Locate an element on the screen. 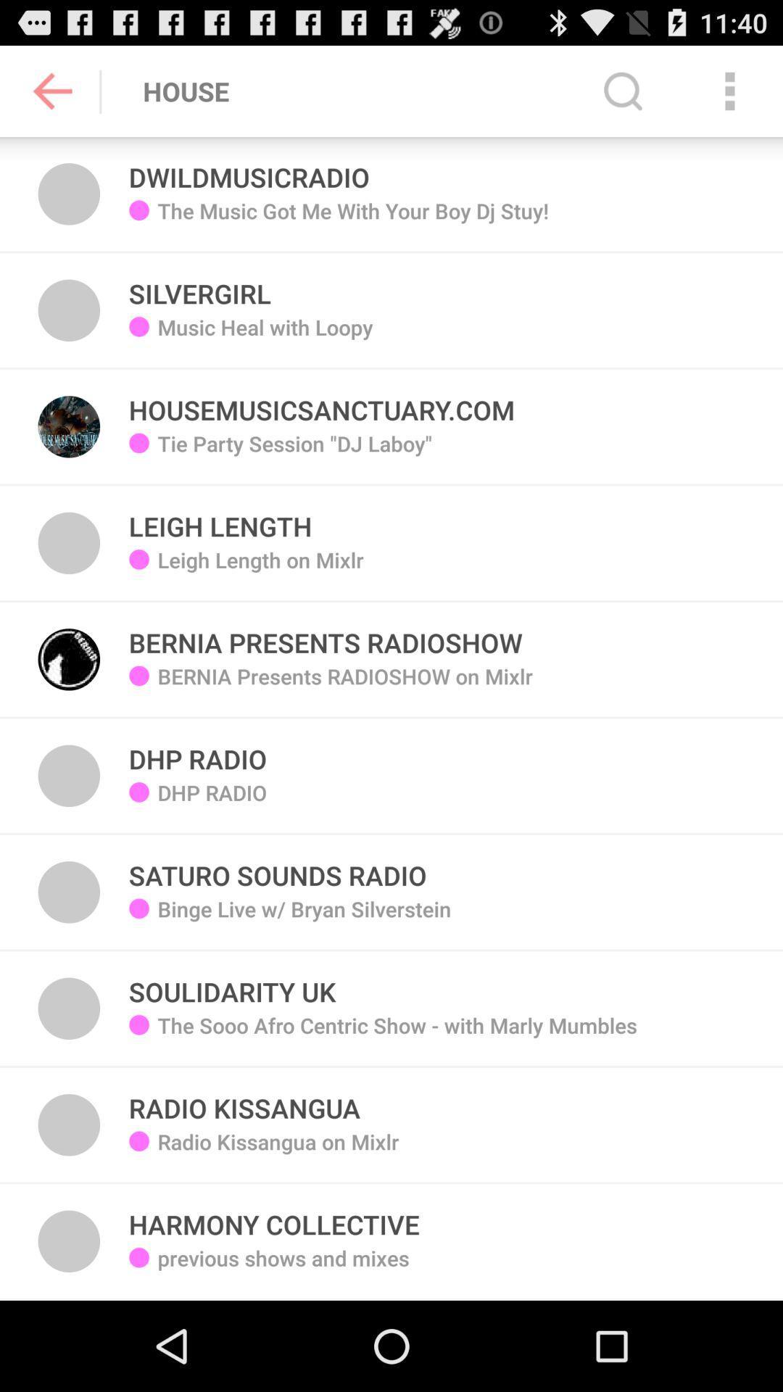 The image size is (783, 1392). the item below the dhp radio is located at coordinates (278, 867).